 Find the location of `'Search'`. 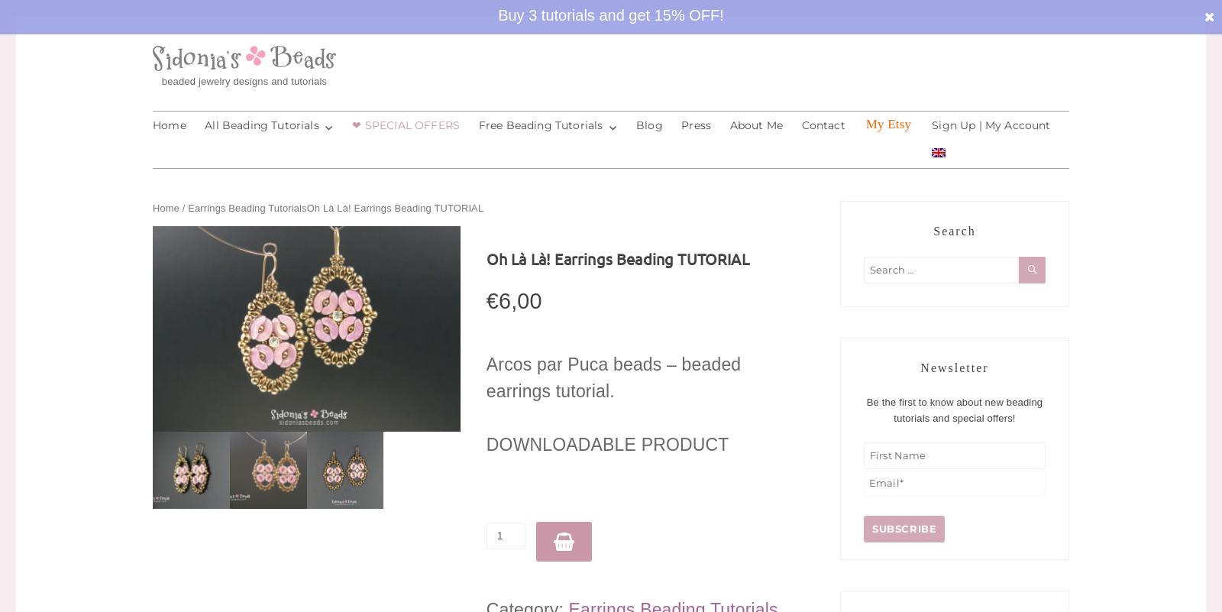

'Search' is located at coordinates (953, 230).